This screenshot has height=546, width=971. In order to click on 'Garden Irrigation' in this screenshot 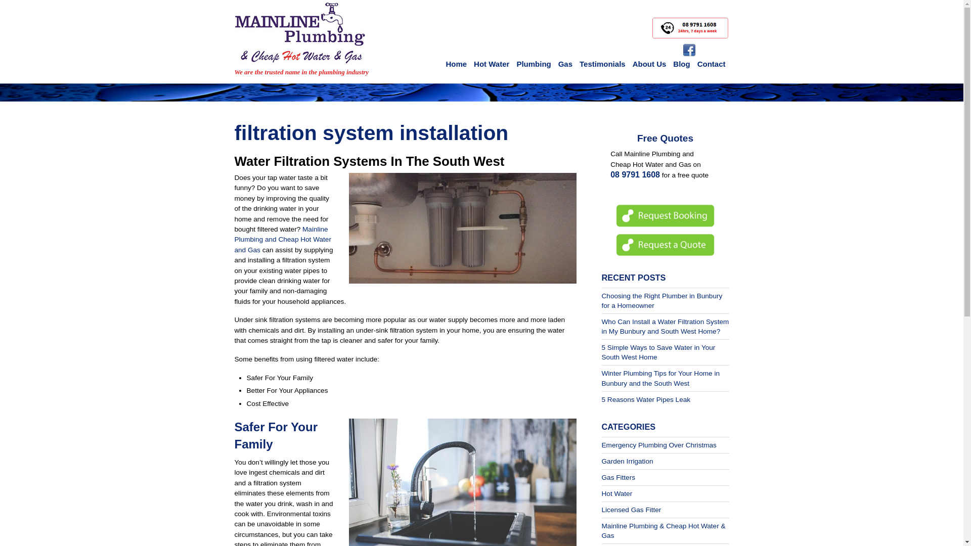, I will do `click(627, 461)`.